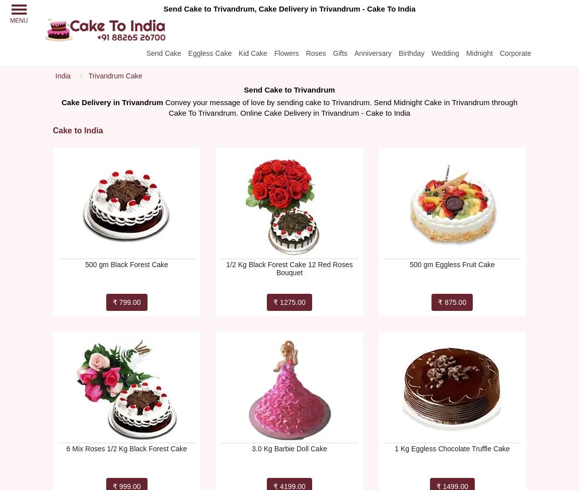 The width and height of the screenshot is (579, 490). I want to click on 'Birthday', so click(410, 52).